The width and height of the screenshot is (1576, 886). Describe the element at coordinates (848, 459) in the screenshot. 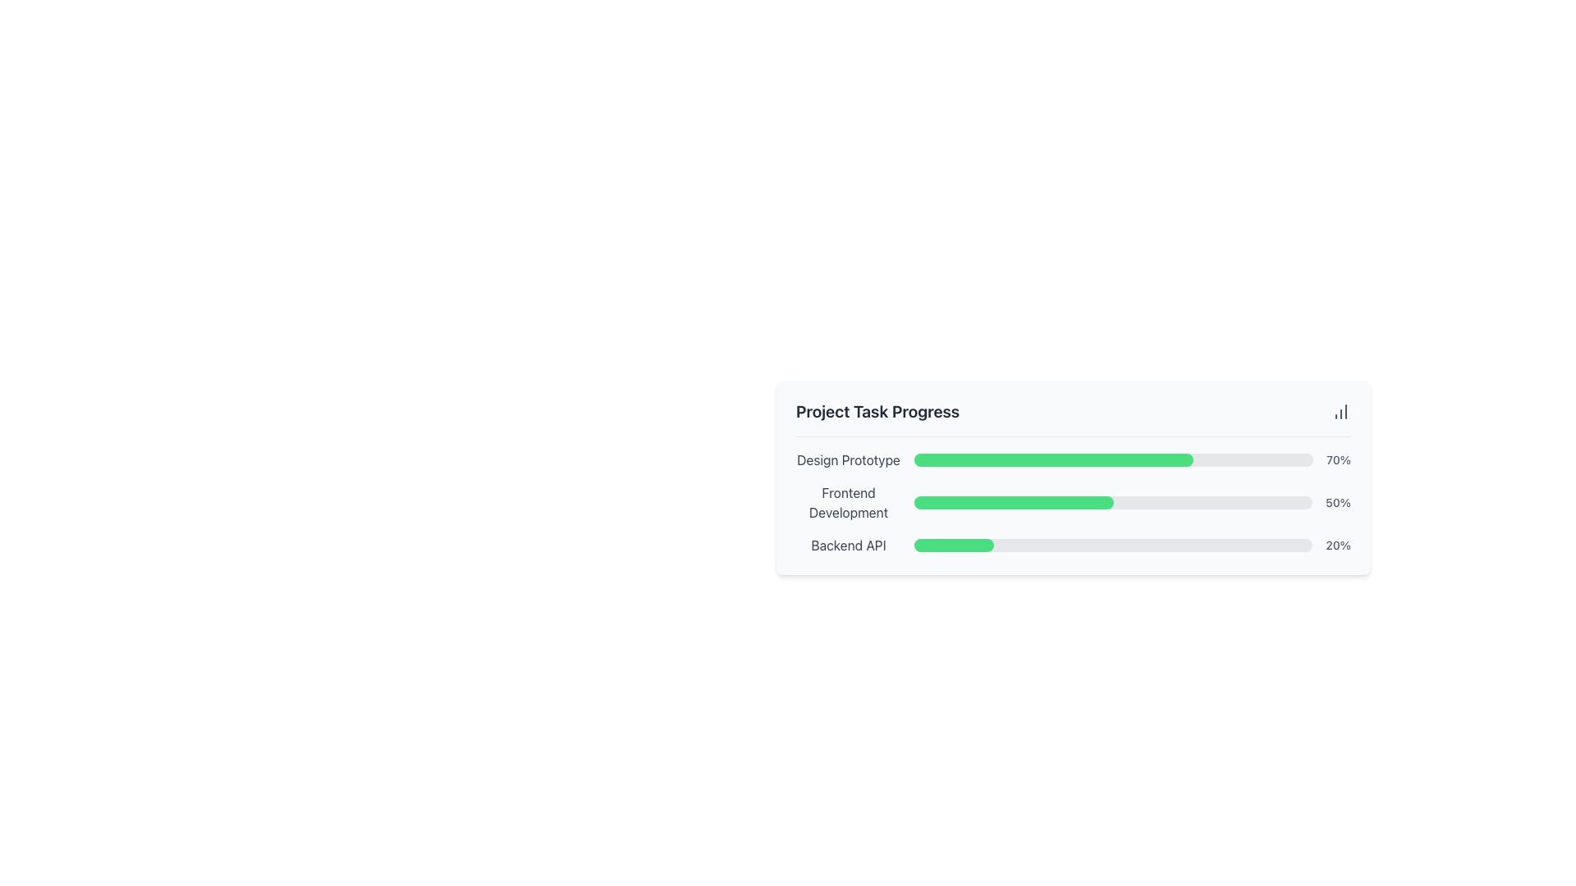

I see `the text label displaying 'Design Prototype', which is styled in gray and located on the left-hand side of a progress bar, above the labels for 'Frontend Development' and 'Backend API'` at that location.